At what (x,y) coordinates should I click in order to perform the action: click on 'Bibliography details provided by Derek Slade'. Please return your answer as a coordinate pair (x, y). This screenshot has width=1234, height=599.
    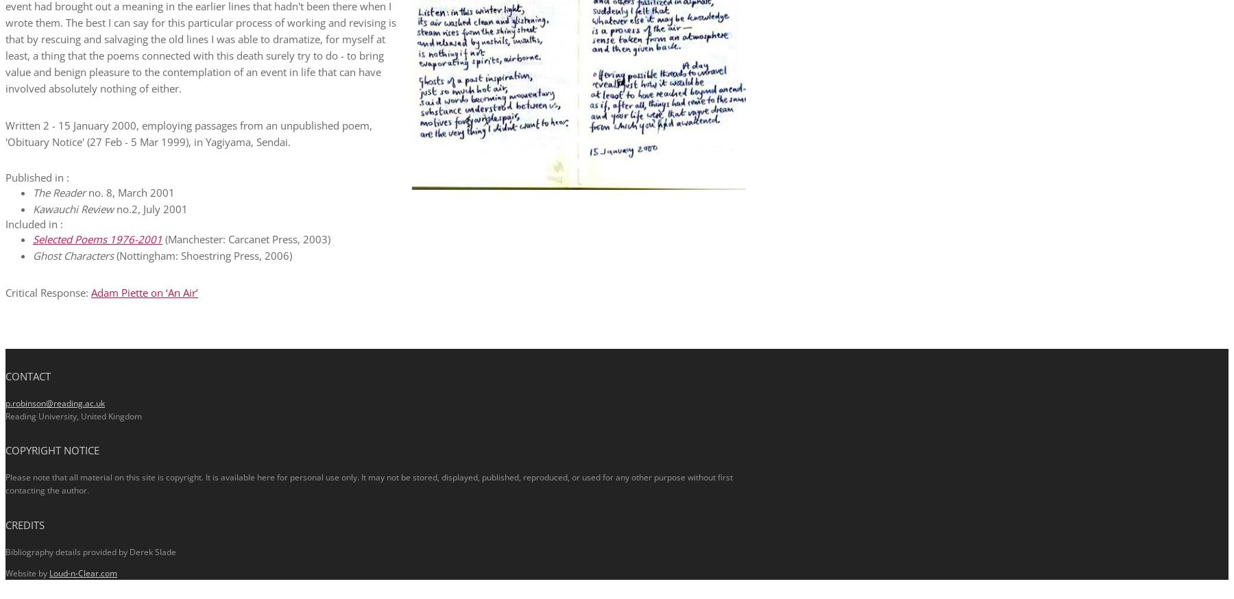
    Looking at the image, I should click on (90, 551).